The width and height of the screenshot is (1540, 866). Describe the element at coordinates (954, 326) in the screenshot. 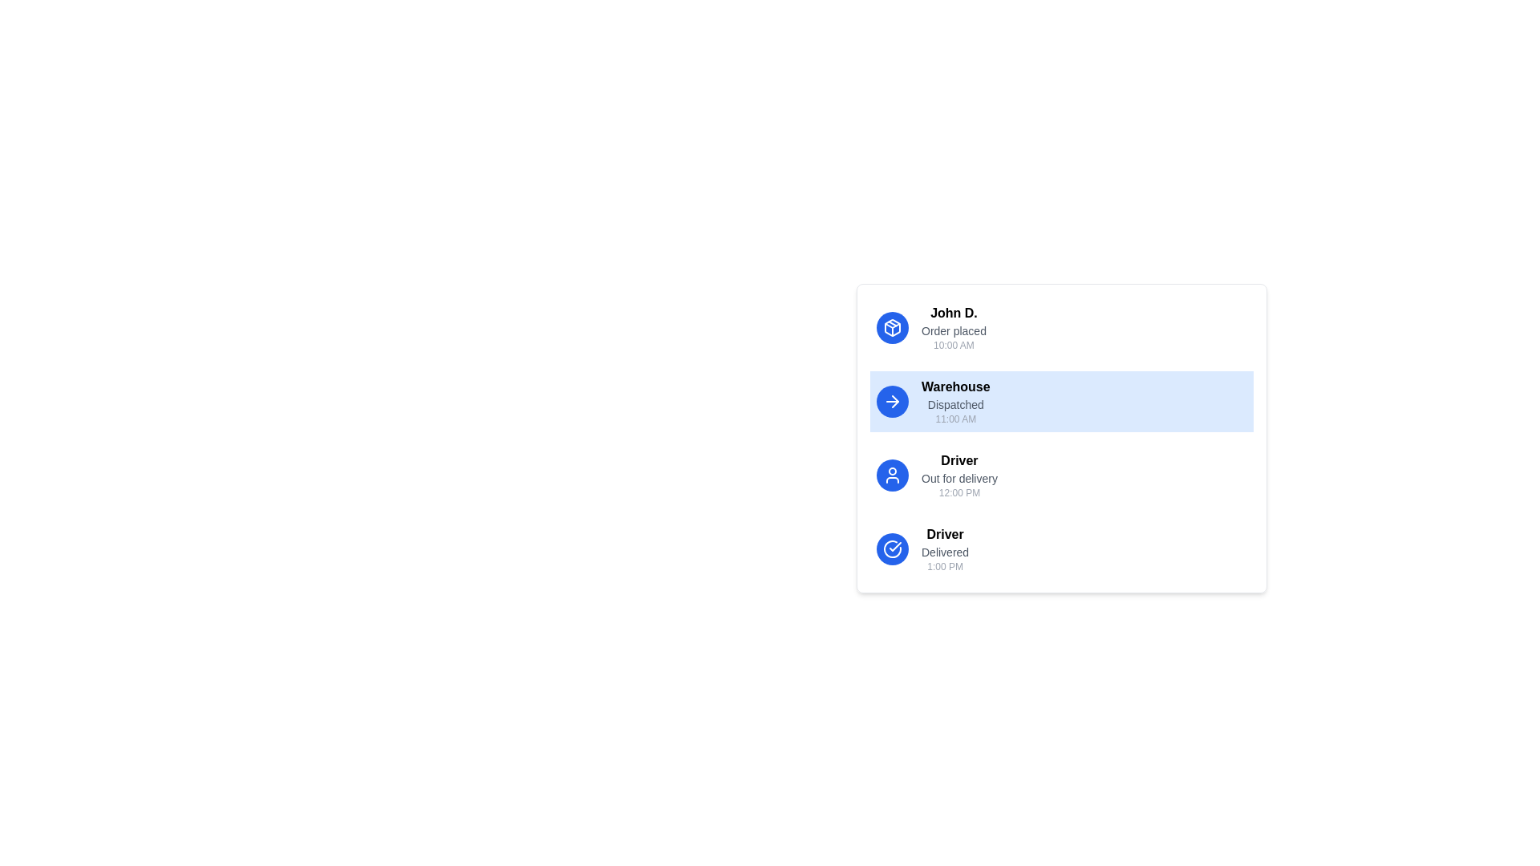

I see `text block displaying the user's name, order status, and timestamp located at the top of the vertical list` at that location.